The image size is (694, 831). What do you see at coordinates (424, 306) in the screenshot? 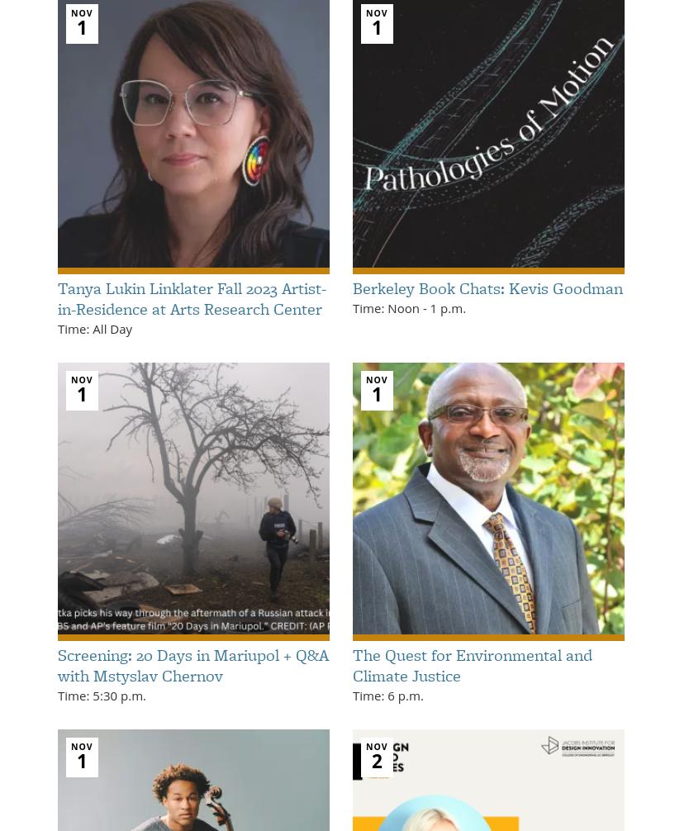
I see `'-'` at bounding box center [424, 306].